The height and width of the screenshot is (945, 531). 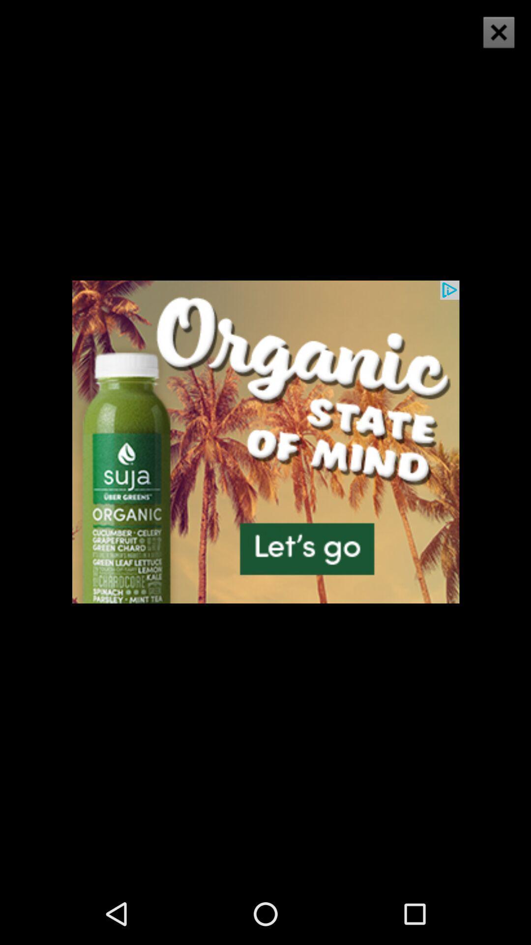 What do you see at coordinates (499, 32) in the screenshot?
I see `icon at the top right corner` at bounding box center [499, 32].